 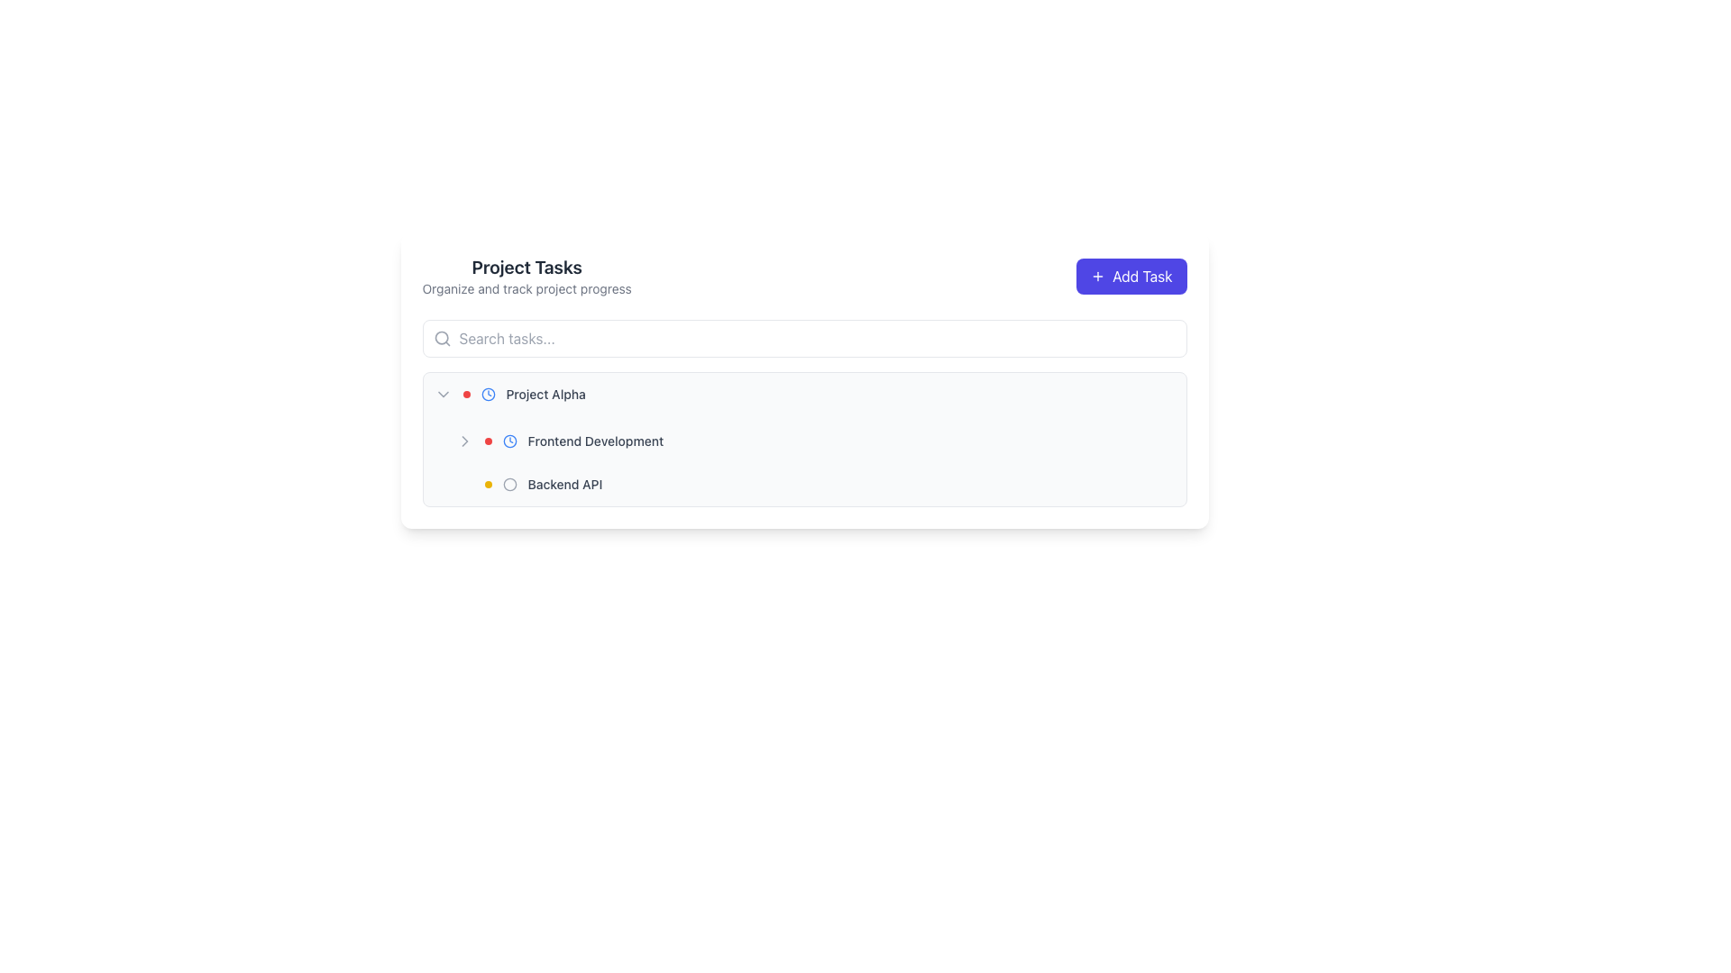 What do you see at coordinates (488, 394) in the screenshot?
I see `the SVG circle element that forms the outer portion of the clock icon` at bounding box center [488, 394].